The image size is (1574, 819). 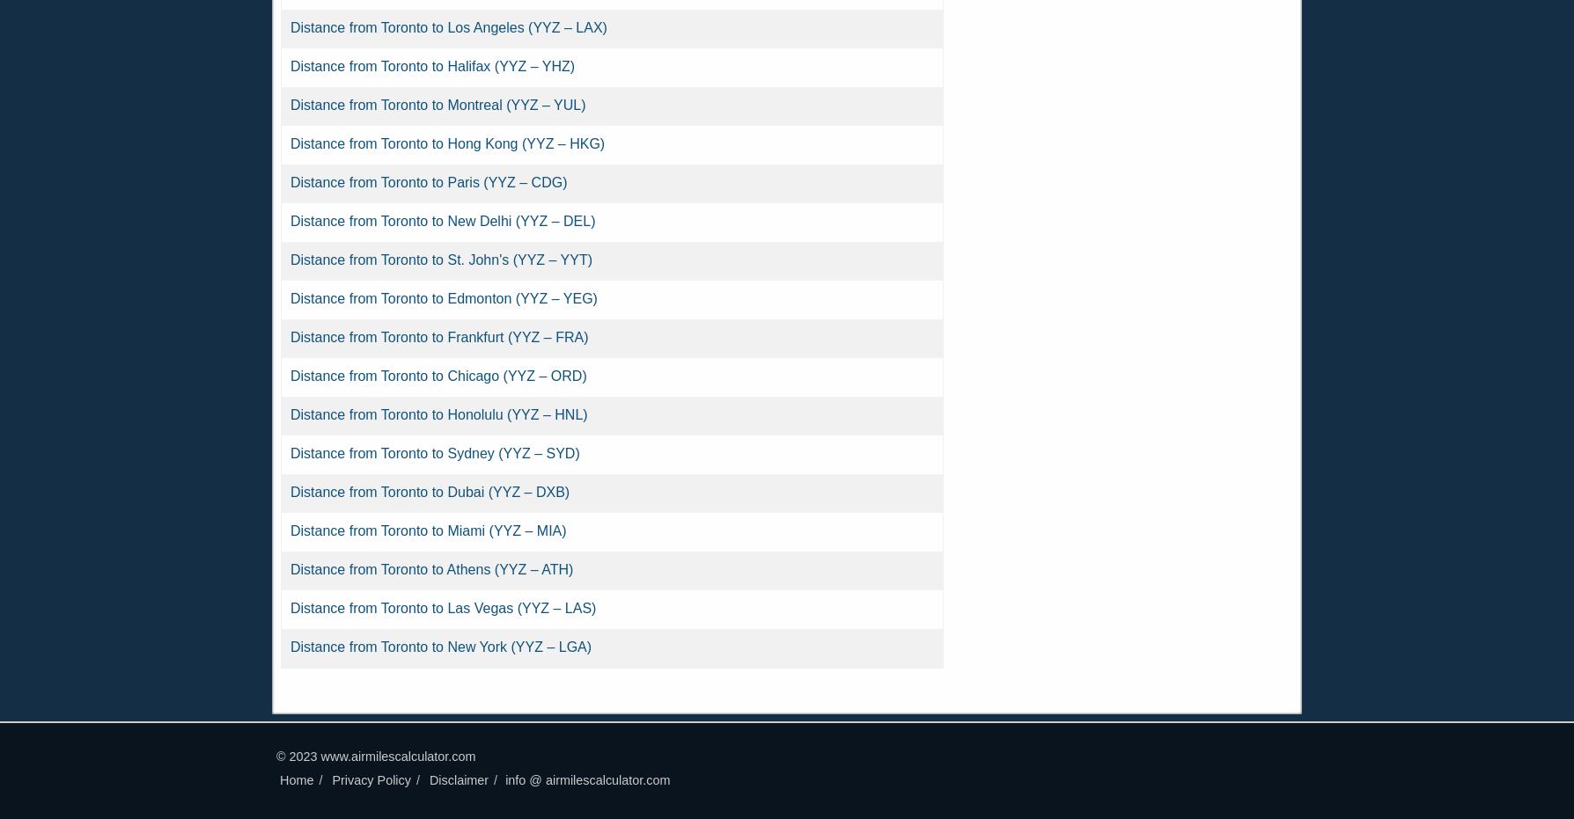 What do you see at coordinates (439, 337) in the screenshot?
I see `'Distance from Toronto to Frankfurt (YYZ – FRA)'` at bounding box center [439, 337].